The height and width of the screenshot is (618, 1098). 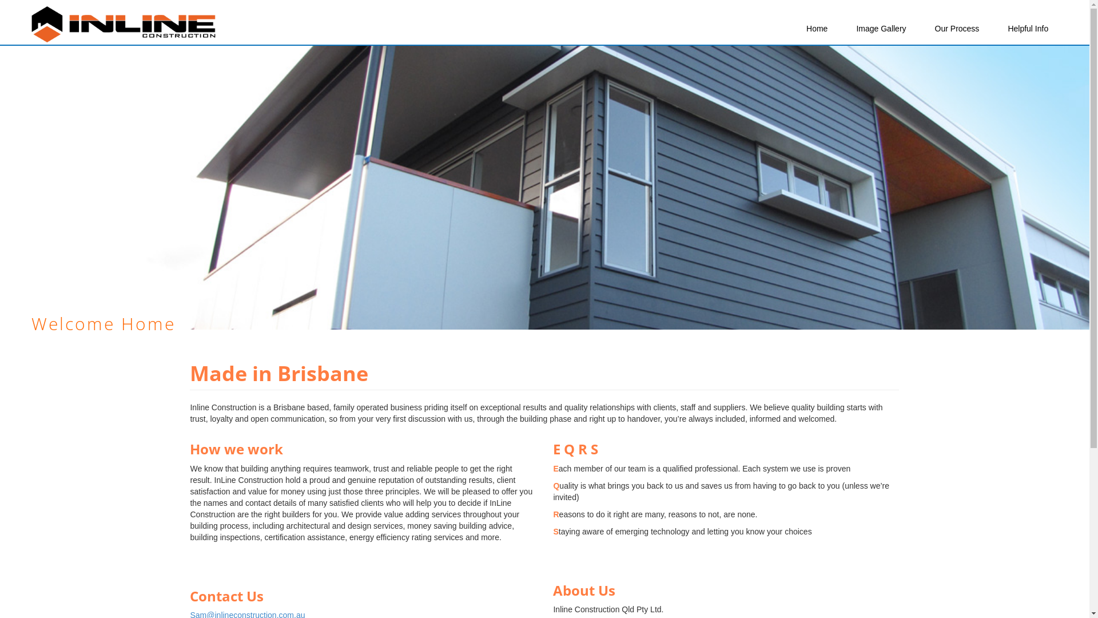 What do you see at coordinates (926, 28) in the screenshot?
I see `'Our Process'` at bounding box center [926, 28].